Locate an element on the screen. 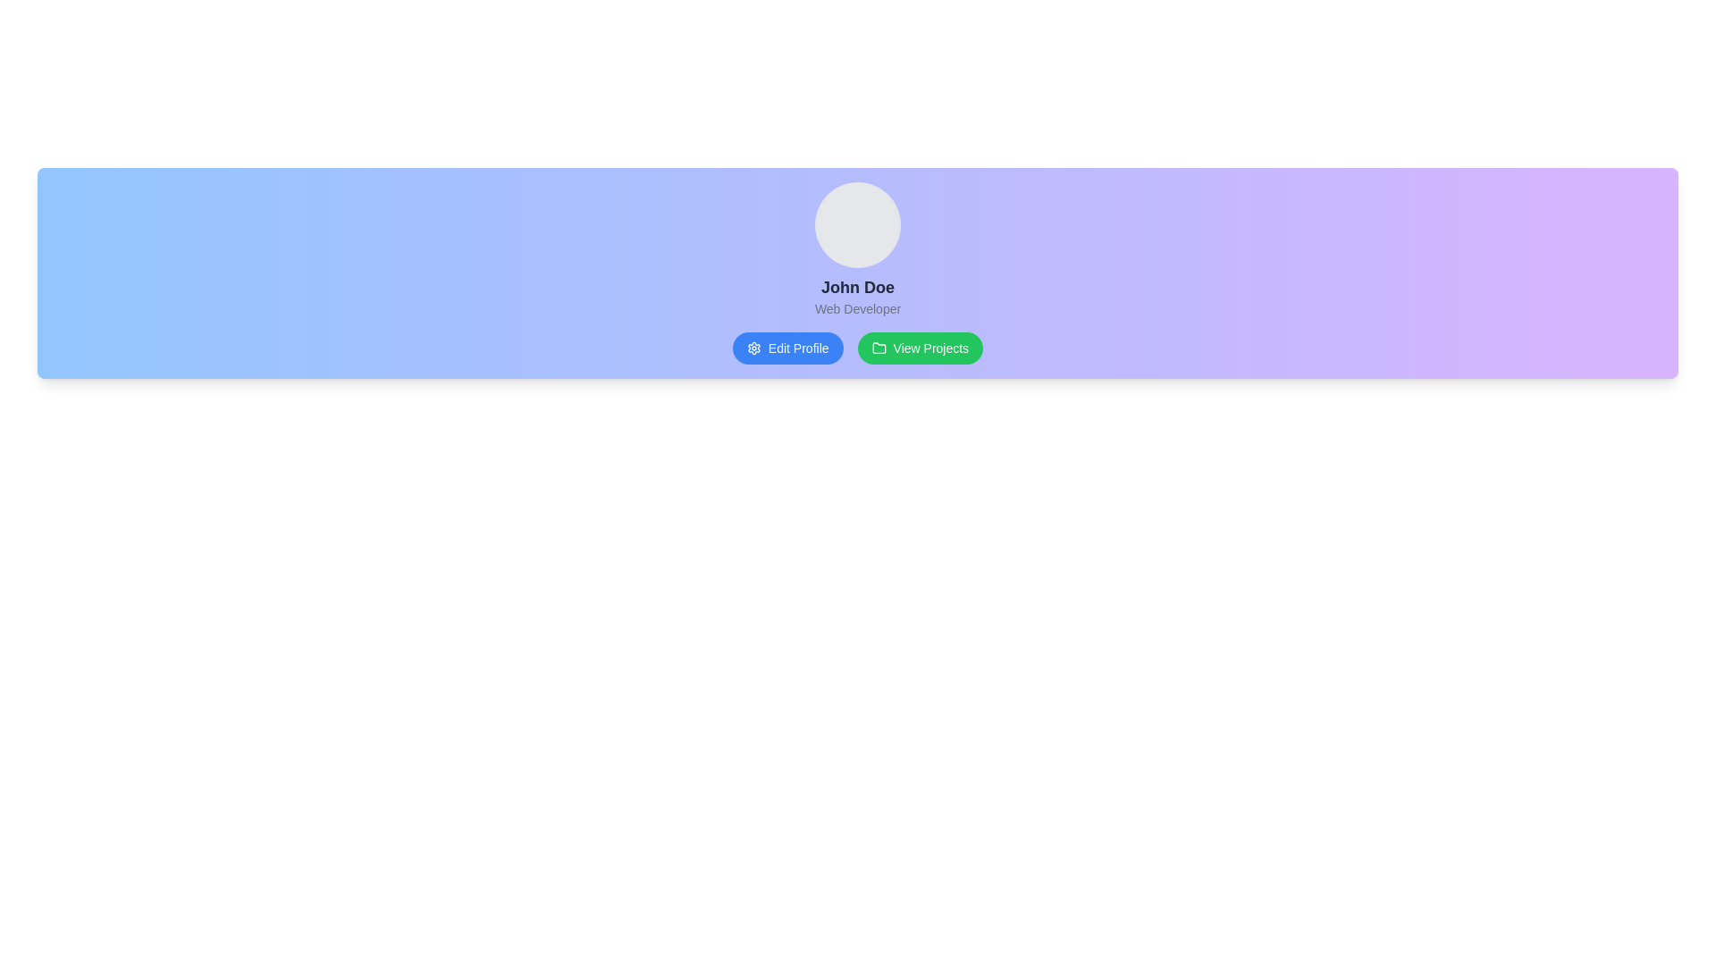  the static text label displaying the name 'John Doe', which is located below the circular profile picture and above the role label 'Web Developer' is located at coordinates (858, 286).